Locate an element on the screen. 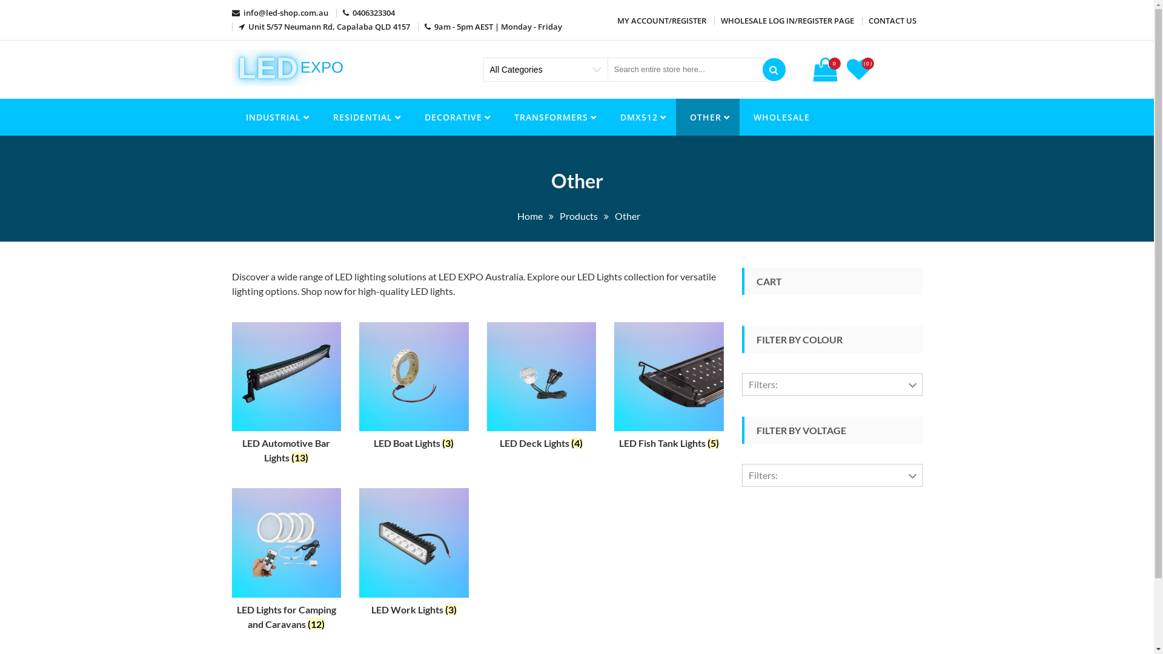 The image size is (1163, 654). '0' is located at coordinates (826, 70).